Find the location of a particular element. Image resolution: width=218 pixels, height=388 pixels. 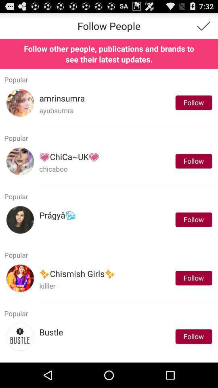

the item next to follow app is located at coordinates (57, 215).